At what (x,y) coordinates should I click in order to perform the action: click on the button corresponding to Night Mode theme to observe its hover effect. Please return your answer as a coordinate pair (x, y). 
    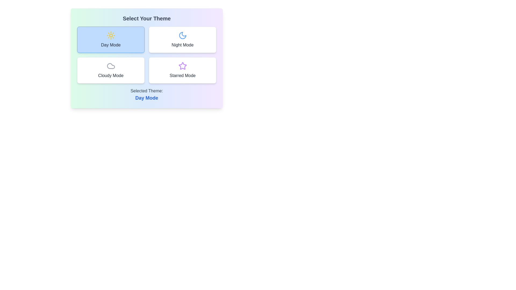
    Looking at the image, I should click on (182, 39).